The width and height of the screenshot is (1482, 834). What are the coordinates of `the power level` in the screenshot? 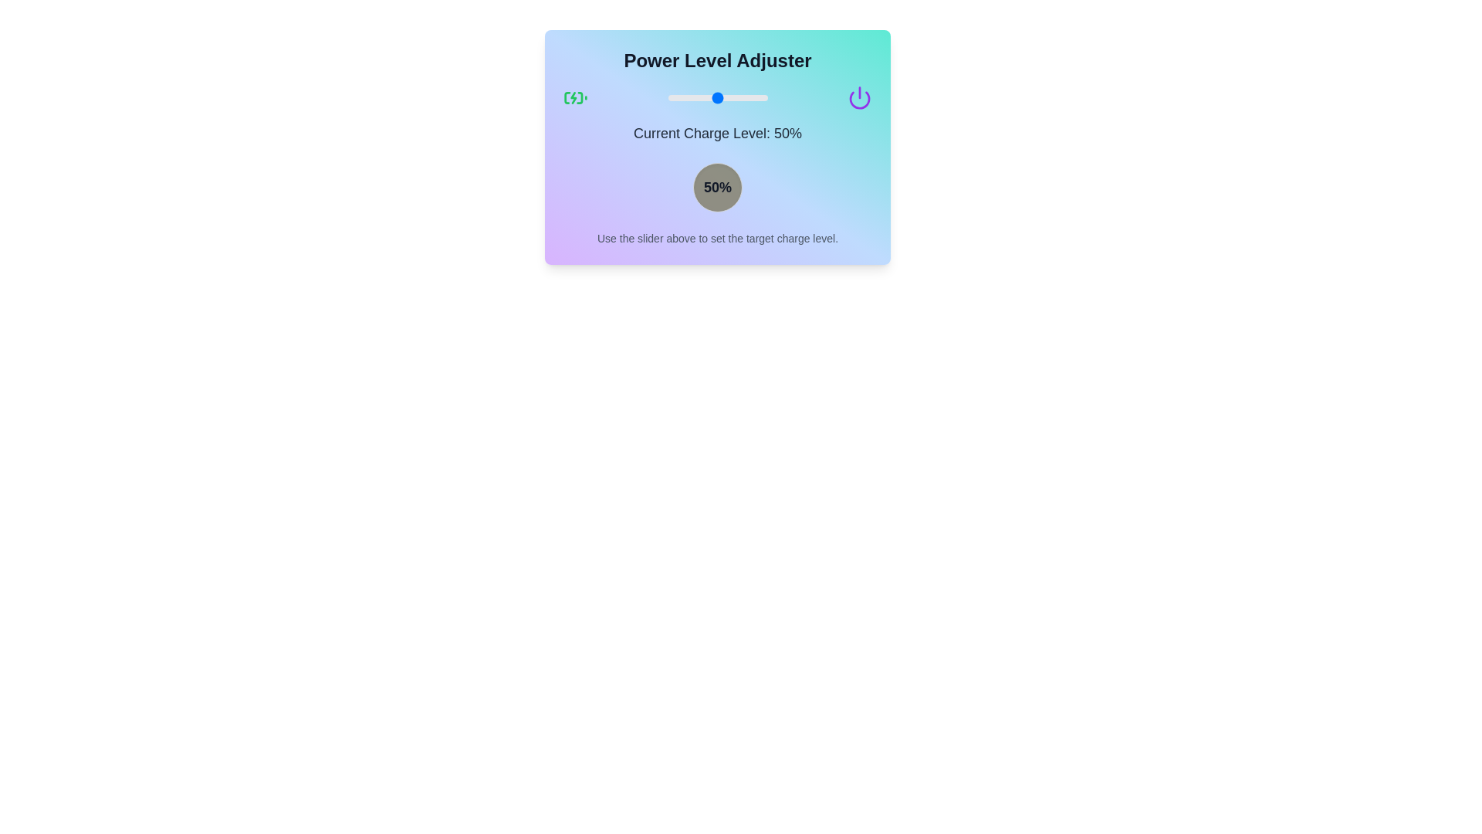 It's located at (704, 98).